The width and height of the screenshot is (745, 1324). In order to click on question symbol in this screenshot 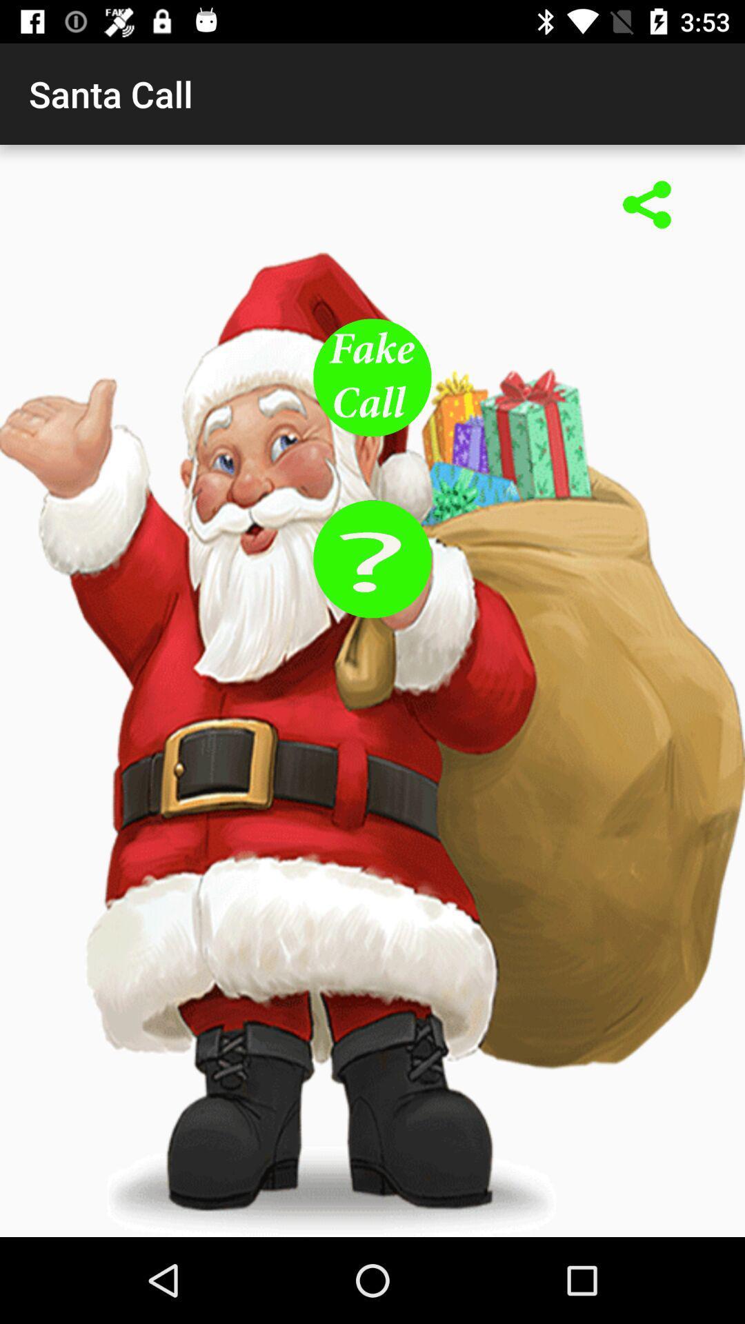, I will do `click(372, 559)`.